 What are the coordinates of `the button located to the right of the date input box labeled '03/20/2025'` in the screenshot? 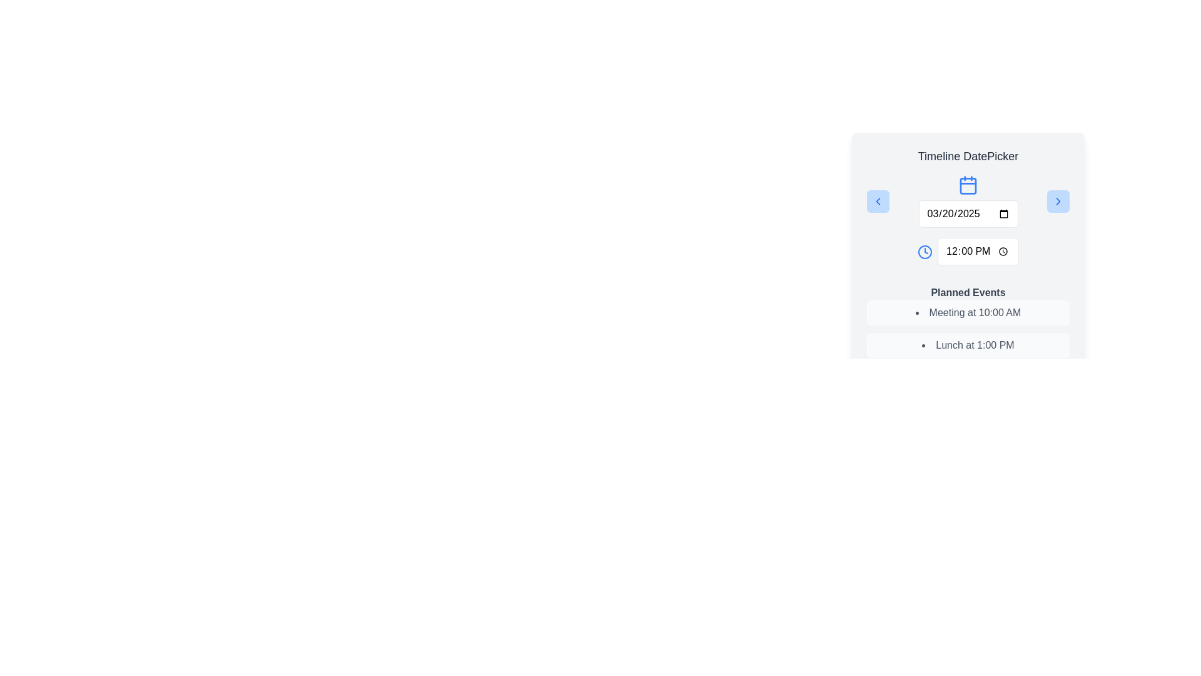 It's located at (1057, 200).